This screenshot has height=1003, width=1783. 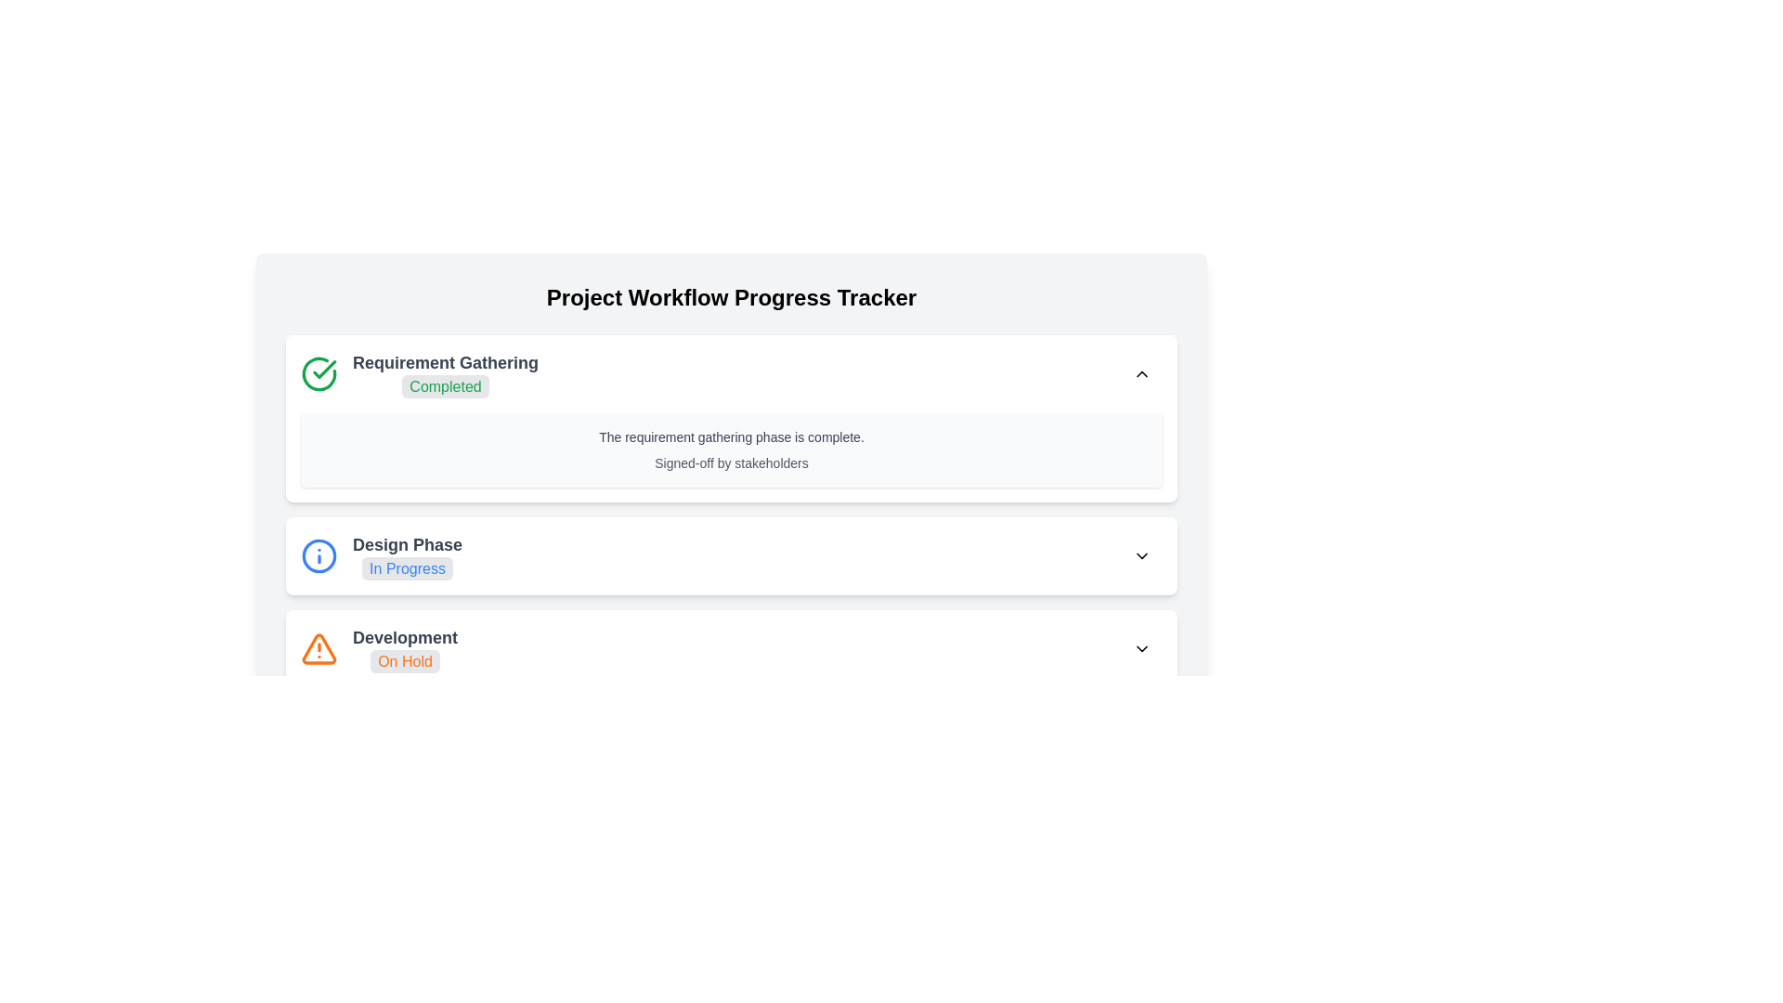 I want to click on the downward arrow on the 'Design Phase' section of the project progress tracker, so click(x=730, y=554).